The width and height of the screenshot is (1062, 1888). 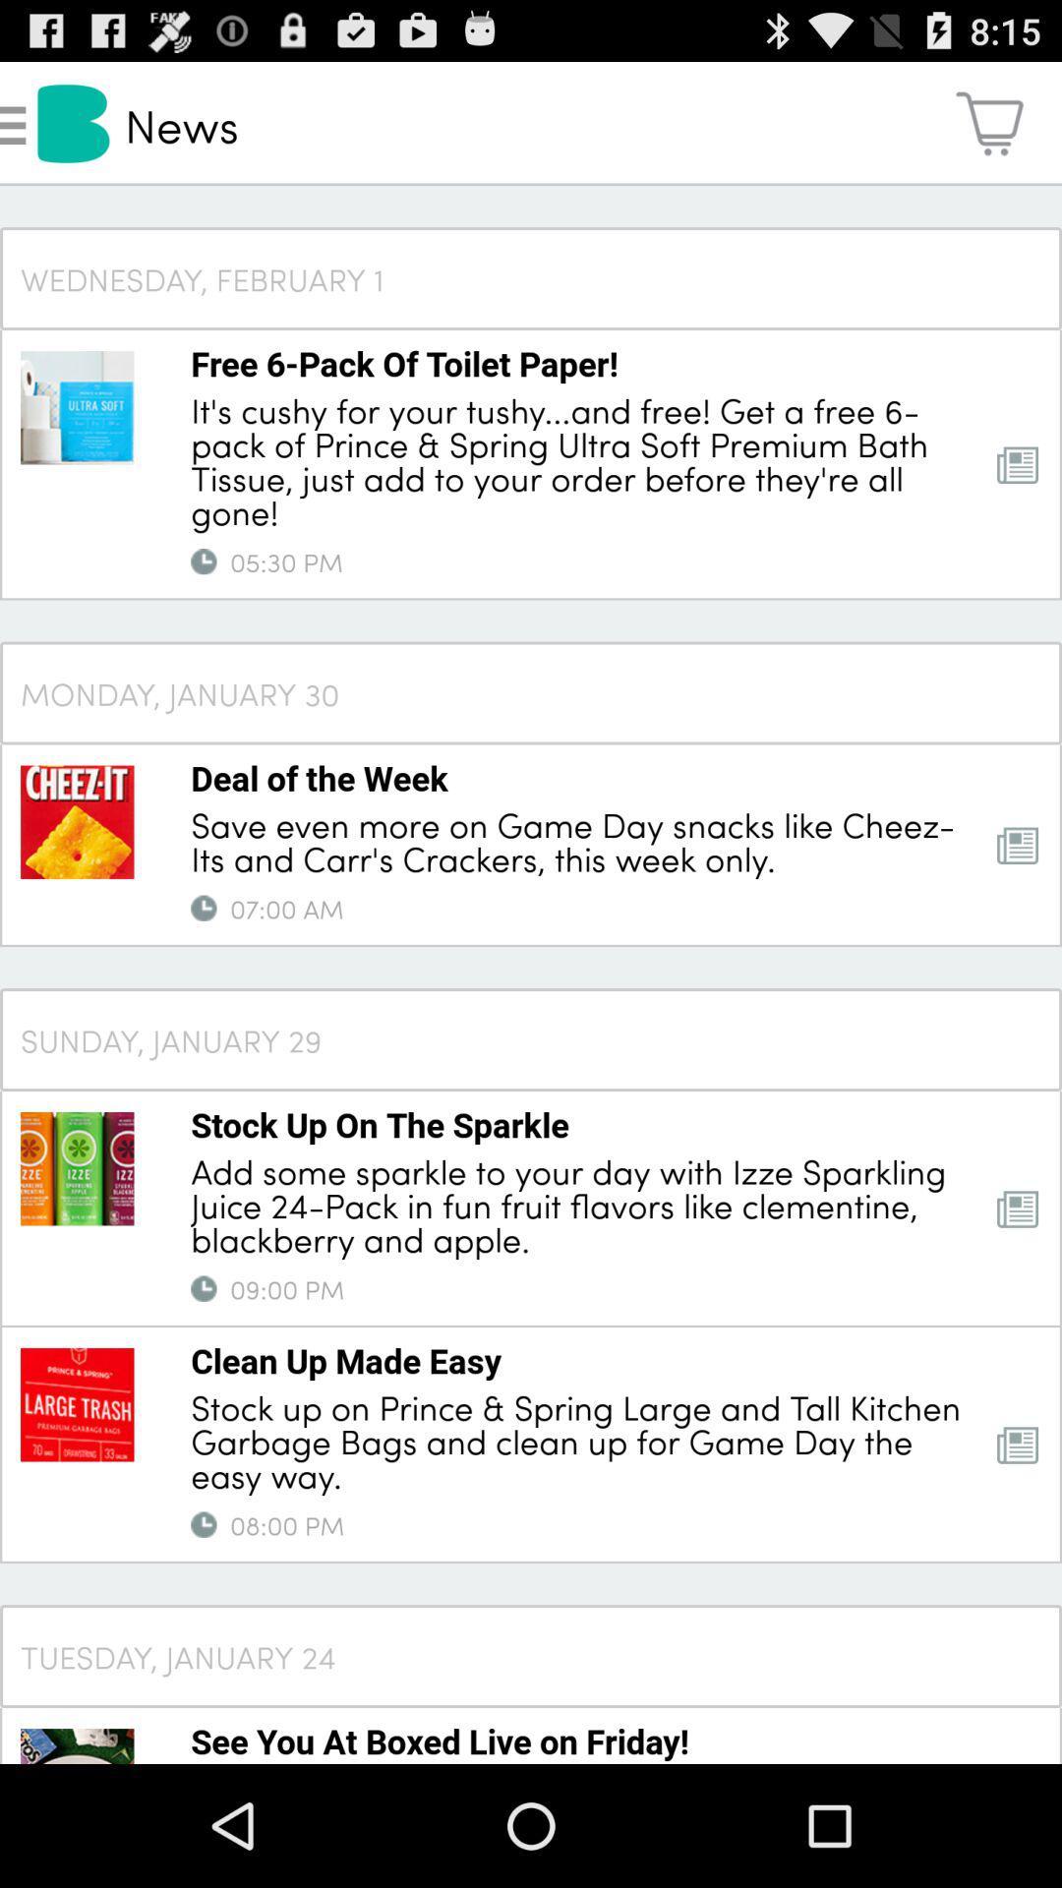 I want to click on the icon below it s cushy icon, so click(x=204, y=560).